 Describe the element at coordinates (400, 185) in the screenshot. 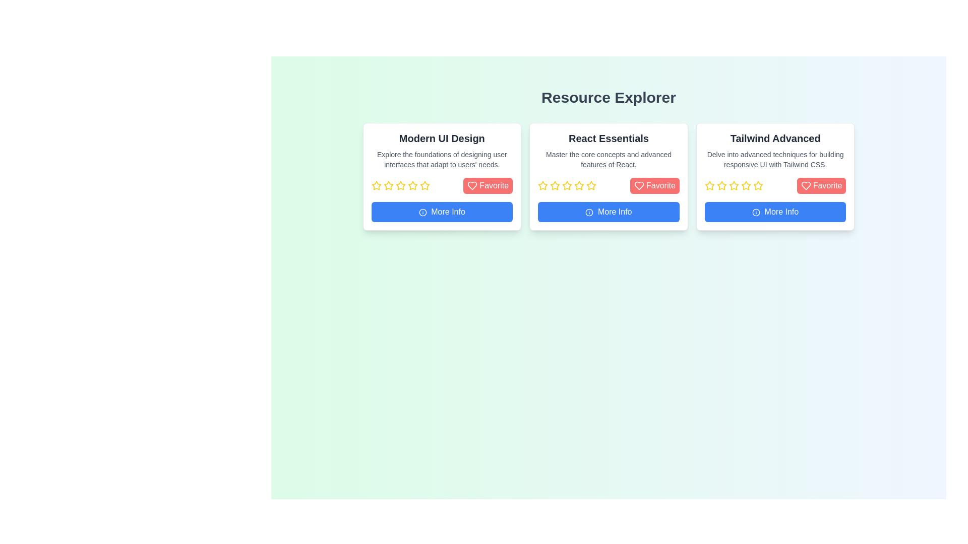

I see `the second star-shaped icon in the rating system, which is yellow with a hollow center` at that location.